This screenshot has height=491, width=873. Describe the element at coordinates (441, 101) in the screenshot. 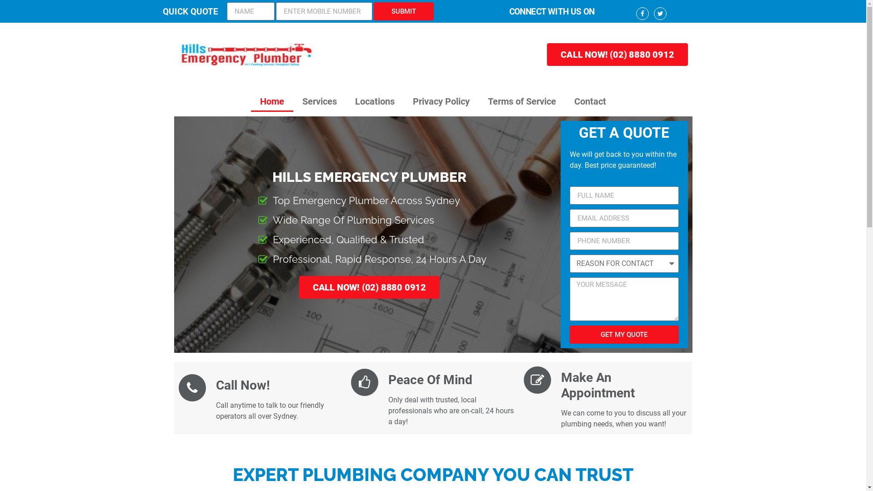

I see `'Privacy Policy'` at that location.